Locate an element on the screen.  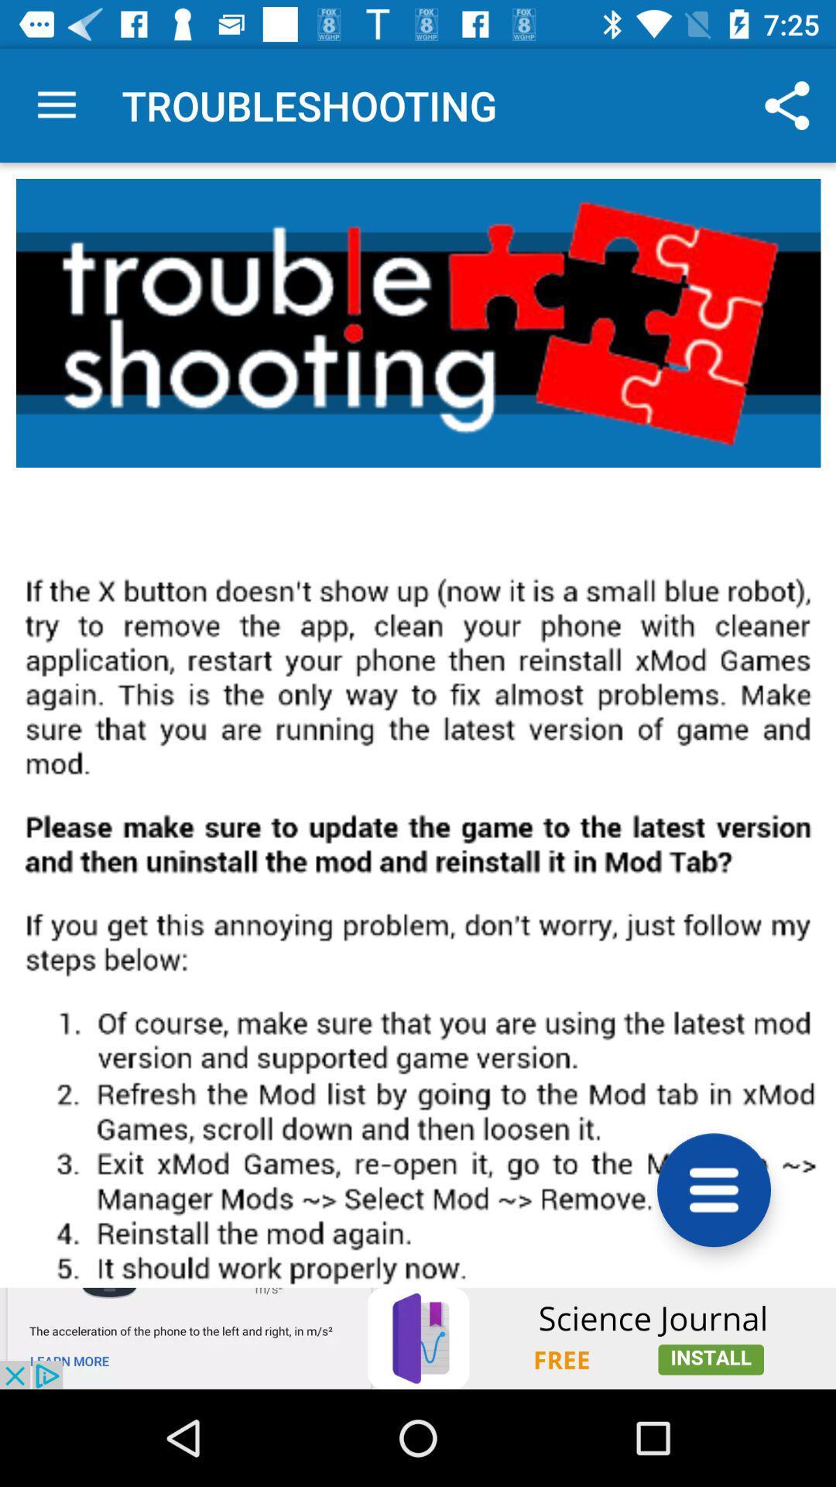
advertisement area is located at coordinates (418, 1338).